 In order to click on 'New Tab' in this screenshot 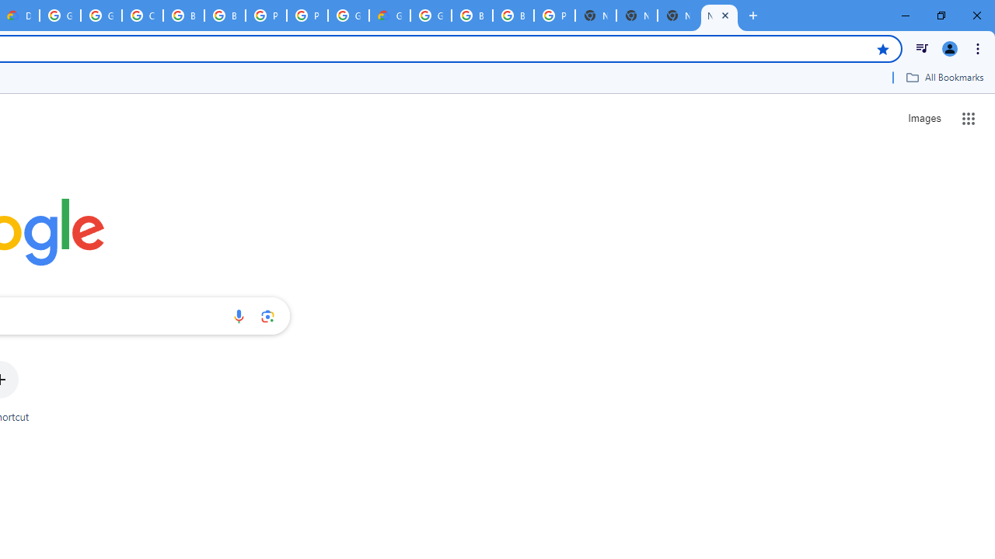, I will do `click(718, 16)`.